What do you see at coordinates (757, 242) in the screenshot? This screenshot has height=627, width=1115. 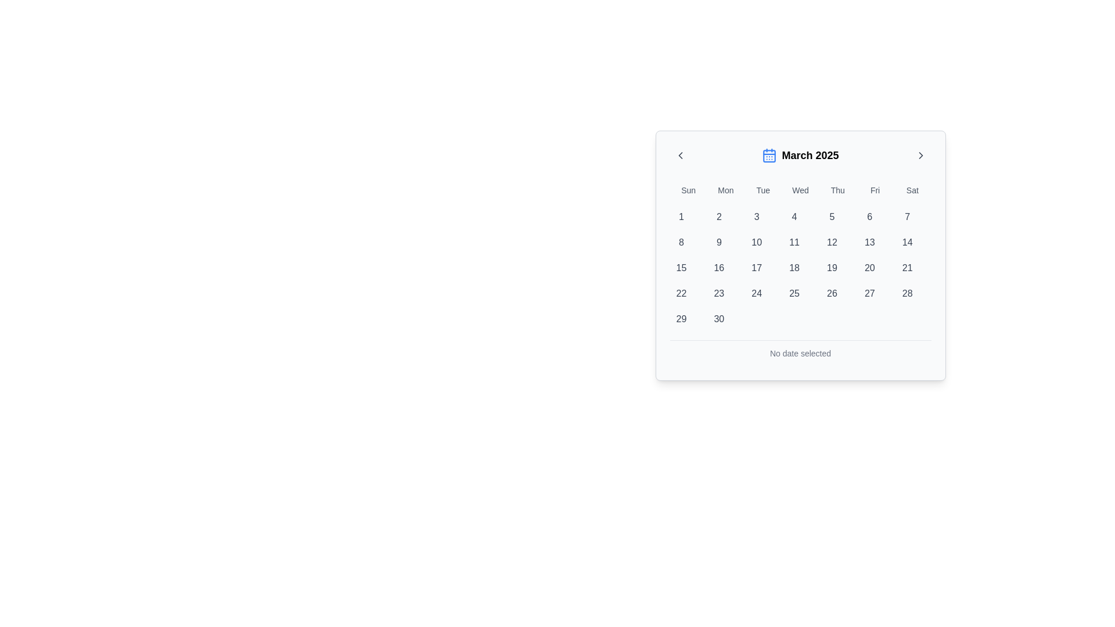 I see `the circular button labeled '10' in the second row, third column of the calendar grid` at bounding box center [757, 242].